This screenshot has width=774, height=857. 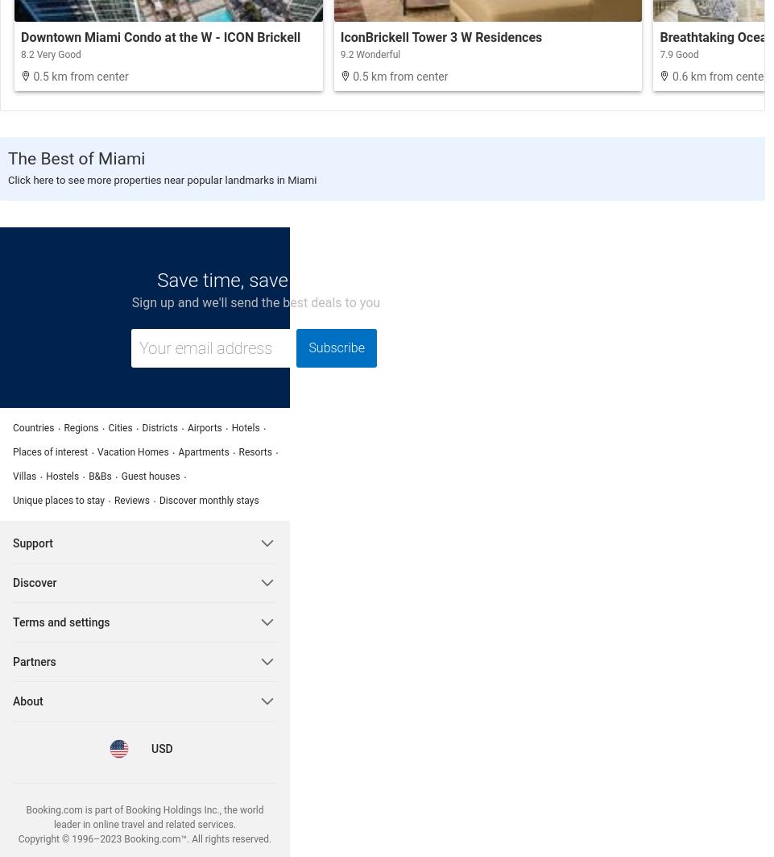 What do you see at coordinates (369, 55) in the screenshot?
I see `'9.2 Wonderful'` at bounding box center [369, 55].